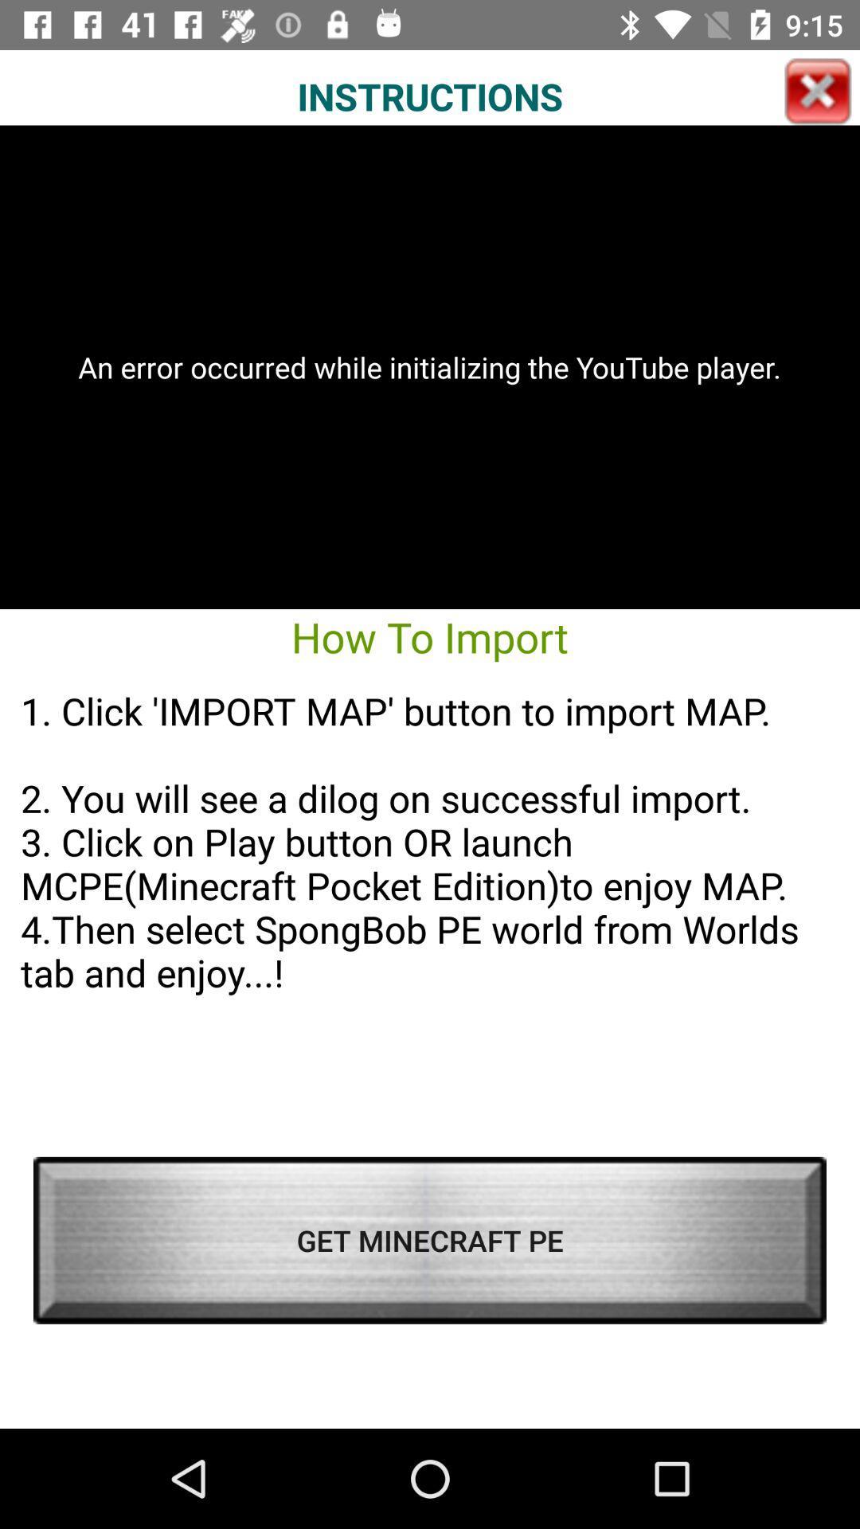  I want to click on icon at the top right corner, so click(818, 91).